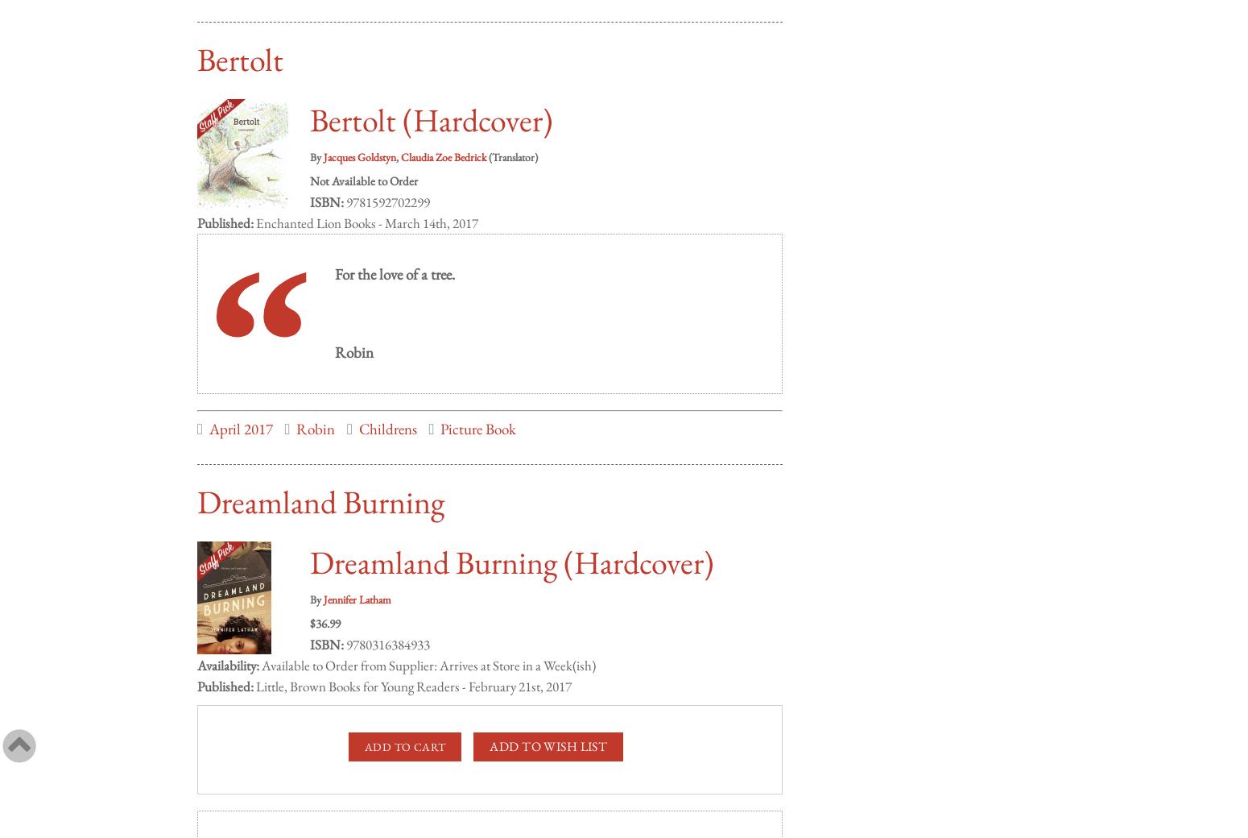 This screenshot has width=1248, height=838. Describe the element at coordinates (309, 164) in the screenshot. I see `'Not Available to Order'` at that location.